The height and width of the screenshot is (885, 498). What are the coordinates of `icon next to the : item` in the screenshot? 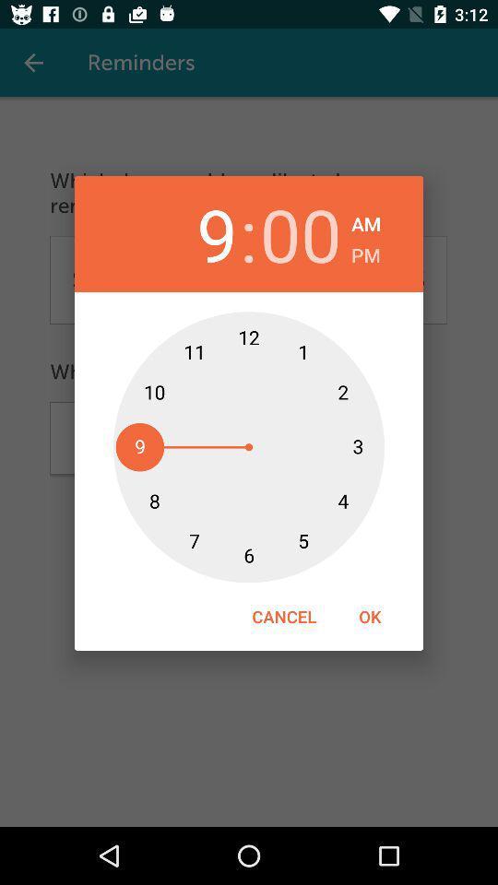 It's located at (301, 233).